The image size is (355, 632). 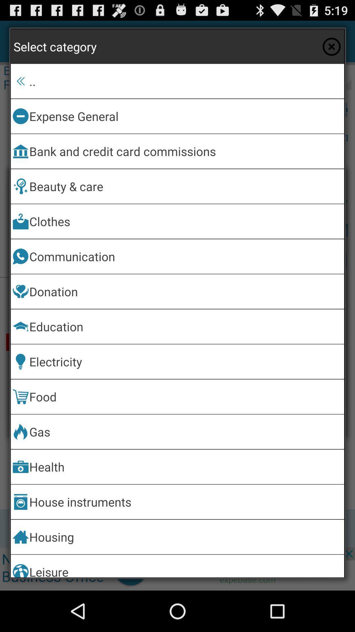 I want to click on the .. item, so click(x=185, y=81).